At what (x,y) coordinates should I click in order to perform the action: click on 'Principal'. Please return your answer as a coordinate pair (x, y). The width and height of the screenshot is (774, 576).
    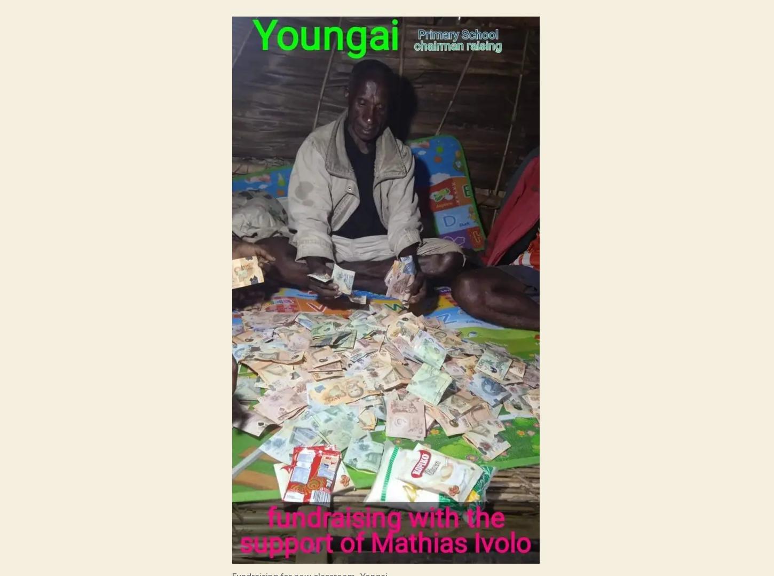
    Looking at the image, I should click on (256, 258).